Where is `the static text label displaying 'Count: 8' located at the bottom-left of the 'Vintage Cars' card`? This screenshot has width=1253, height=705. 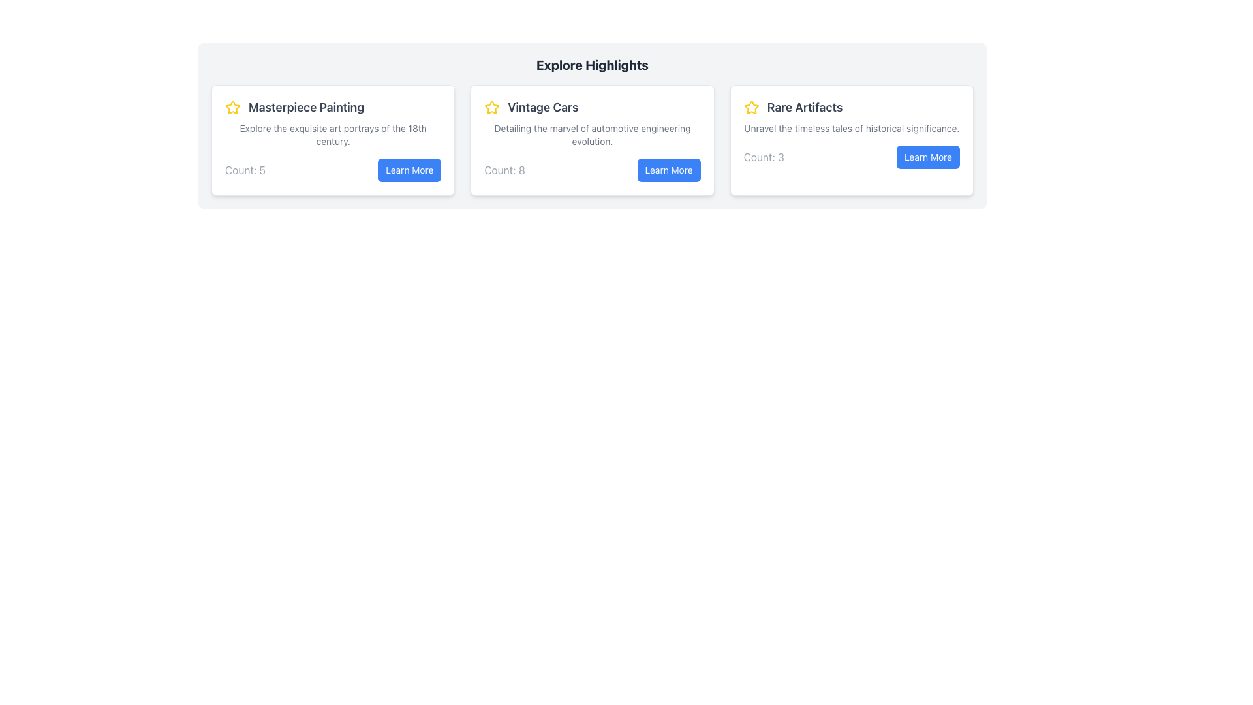
the static text label displaying 'Count: 8' located at the bottom-left of the 'Vintage Cars' card is located at coordinates (504, 170).